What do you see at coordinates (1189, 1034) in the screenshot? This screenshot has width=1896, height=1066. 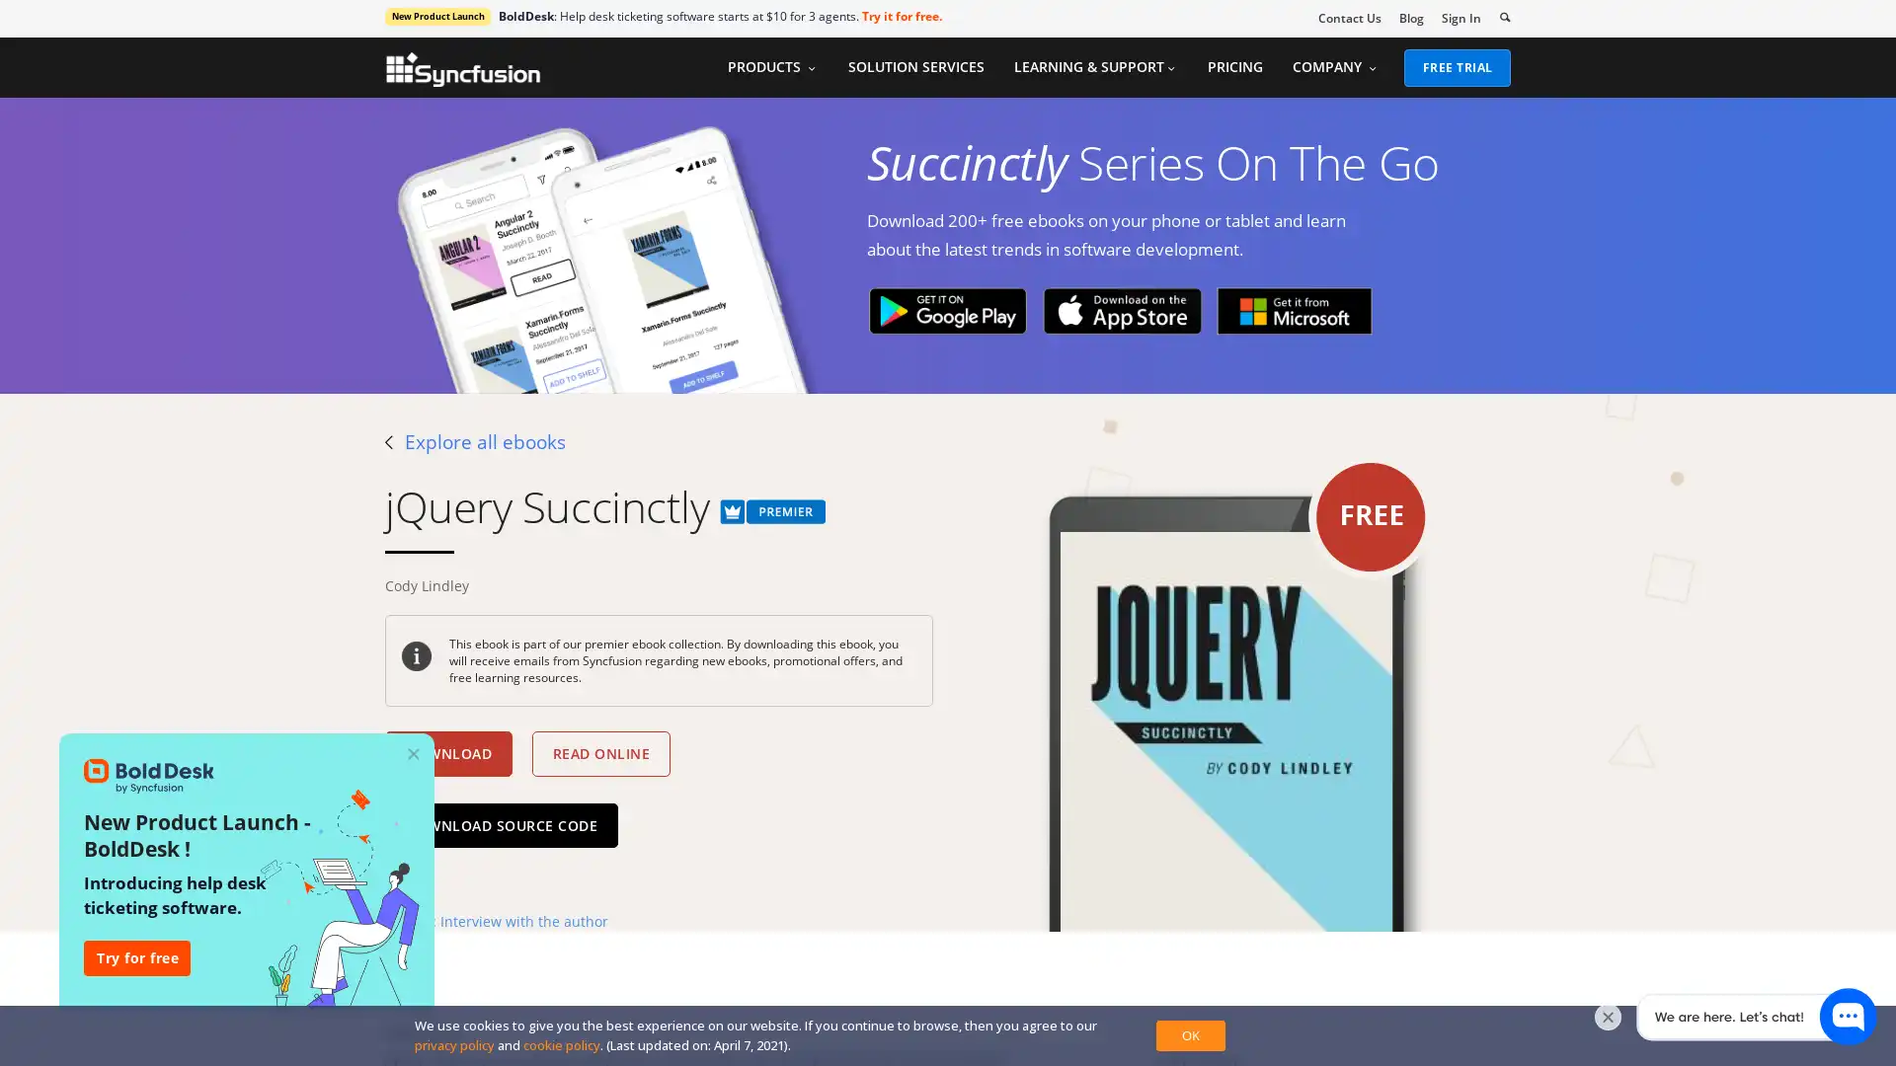 I see `OK` at bounding box center [1189, 1034].